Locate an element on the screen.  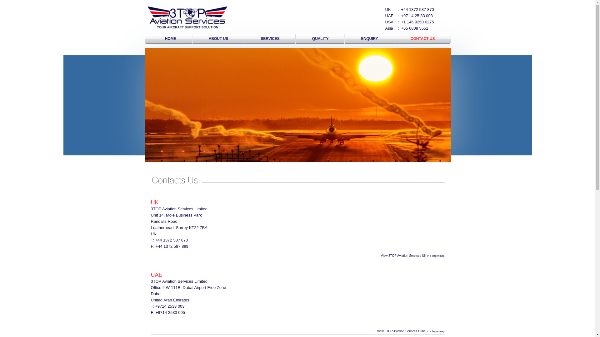
'View 3TOP Aviation Services UK in a larger map' is located at coordinates (412, 255).